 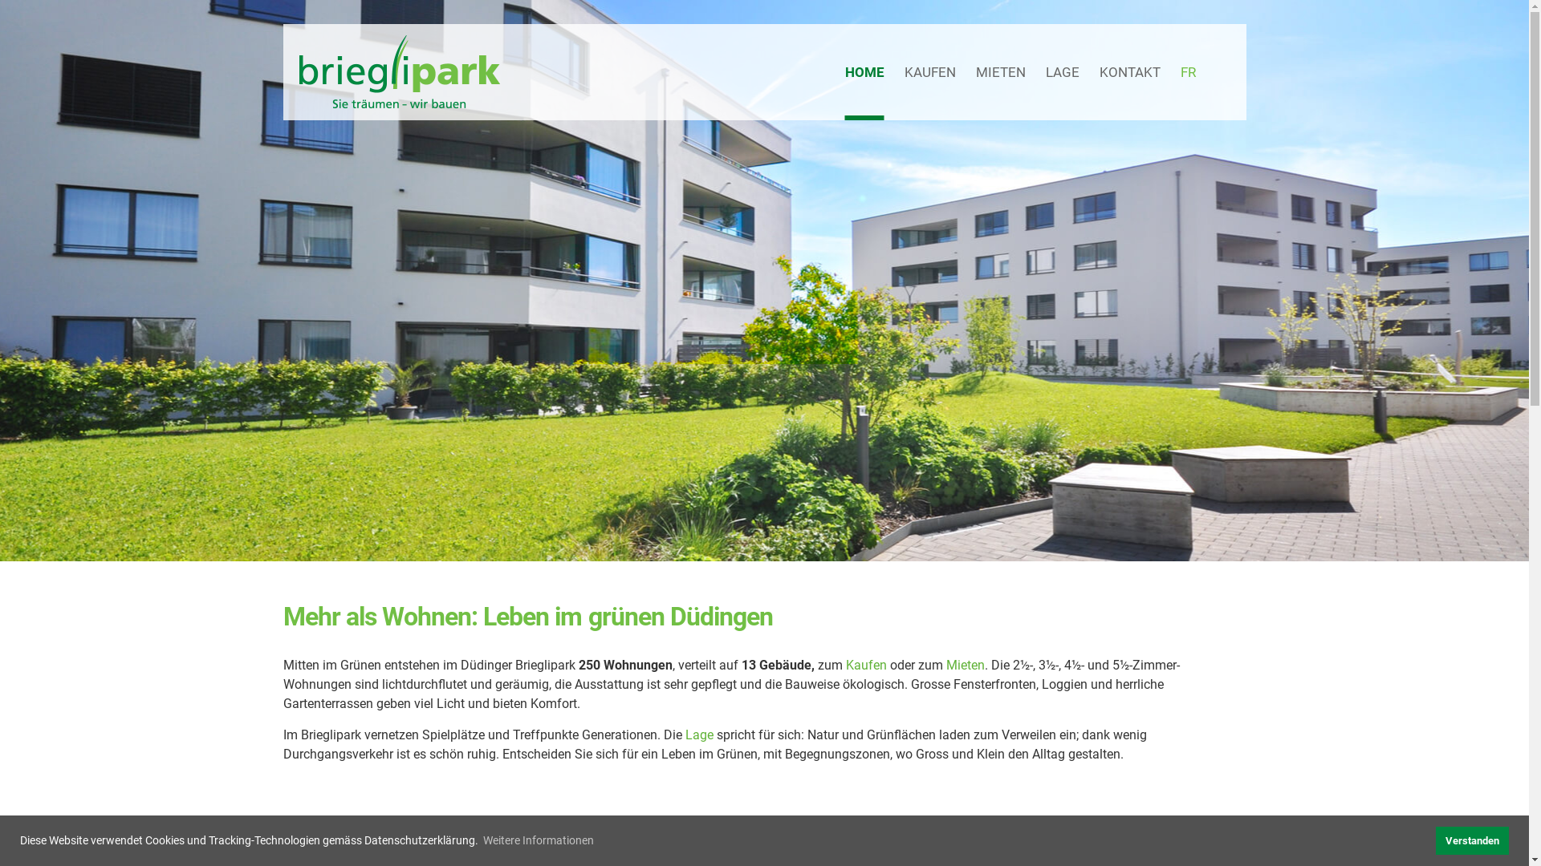 I want to click on 'KAUFEN', so click(x=904, y=71).